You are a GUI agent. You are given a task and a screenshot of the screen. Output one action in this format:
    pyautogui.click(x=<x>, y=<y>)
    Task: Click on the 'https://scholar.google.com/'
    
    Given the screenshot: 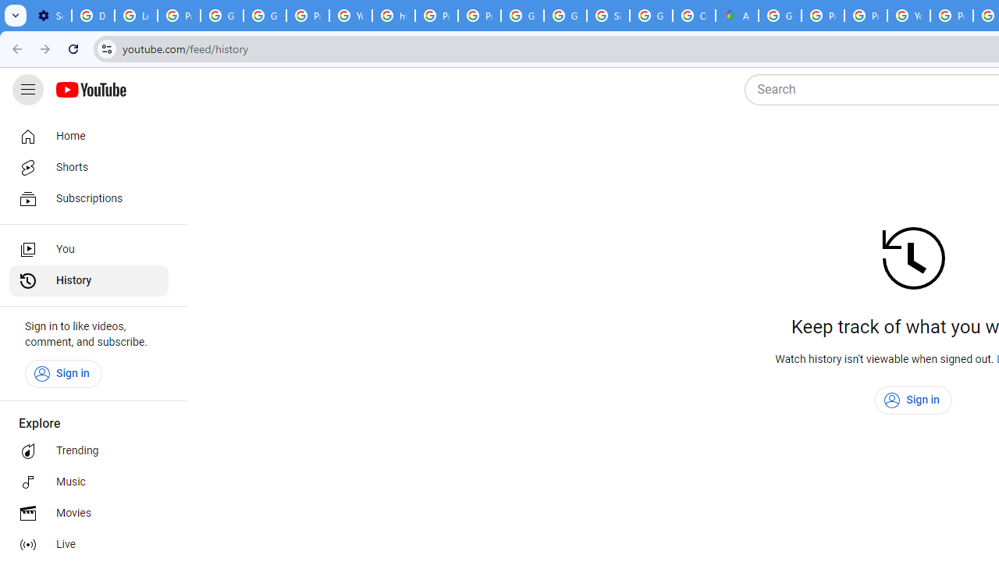 What is the action you would take?
    pyautogui.click(x=393, y=16)
    